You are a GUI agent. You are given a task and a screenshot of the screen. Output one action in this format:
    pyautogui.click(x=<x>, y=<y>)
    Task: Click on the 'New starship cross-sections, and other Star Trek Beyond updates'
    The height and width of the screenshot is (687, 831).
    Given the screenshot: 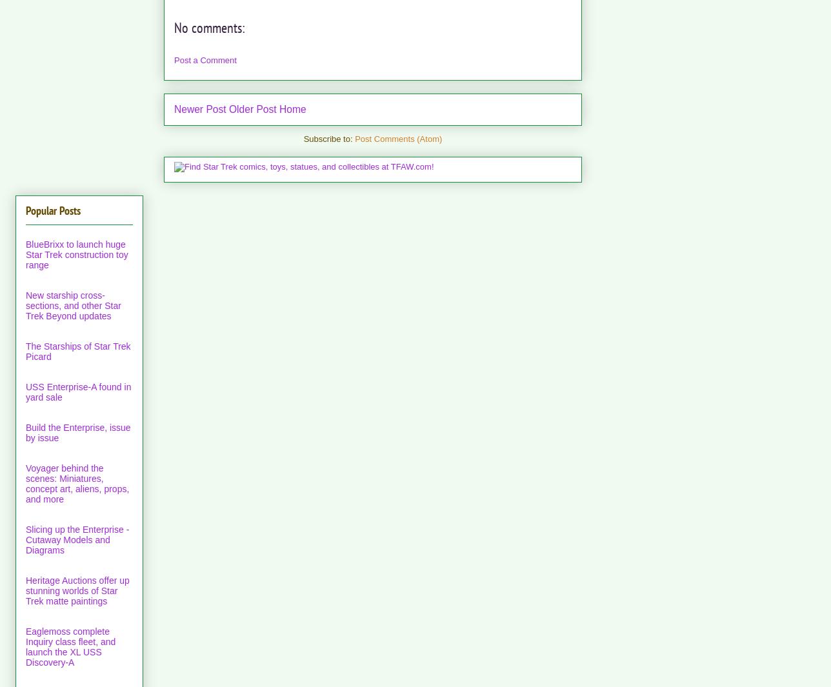 What is the action you would take?
    pyautogui.click(x=73, y=305)
    